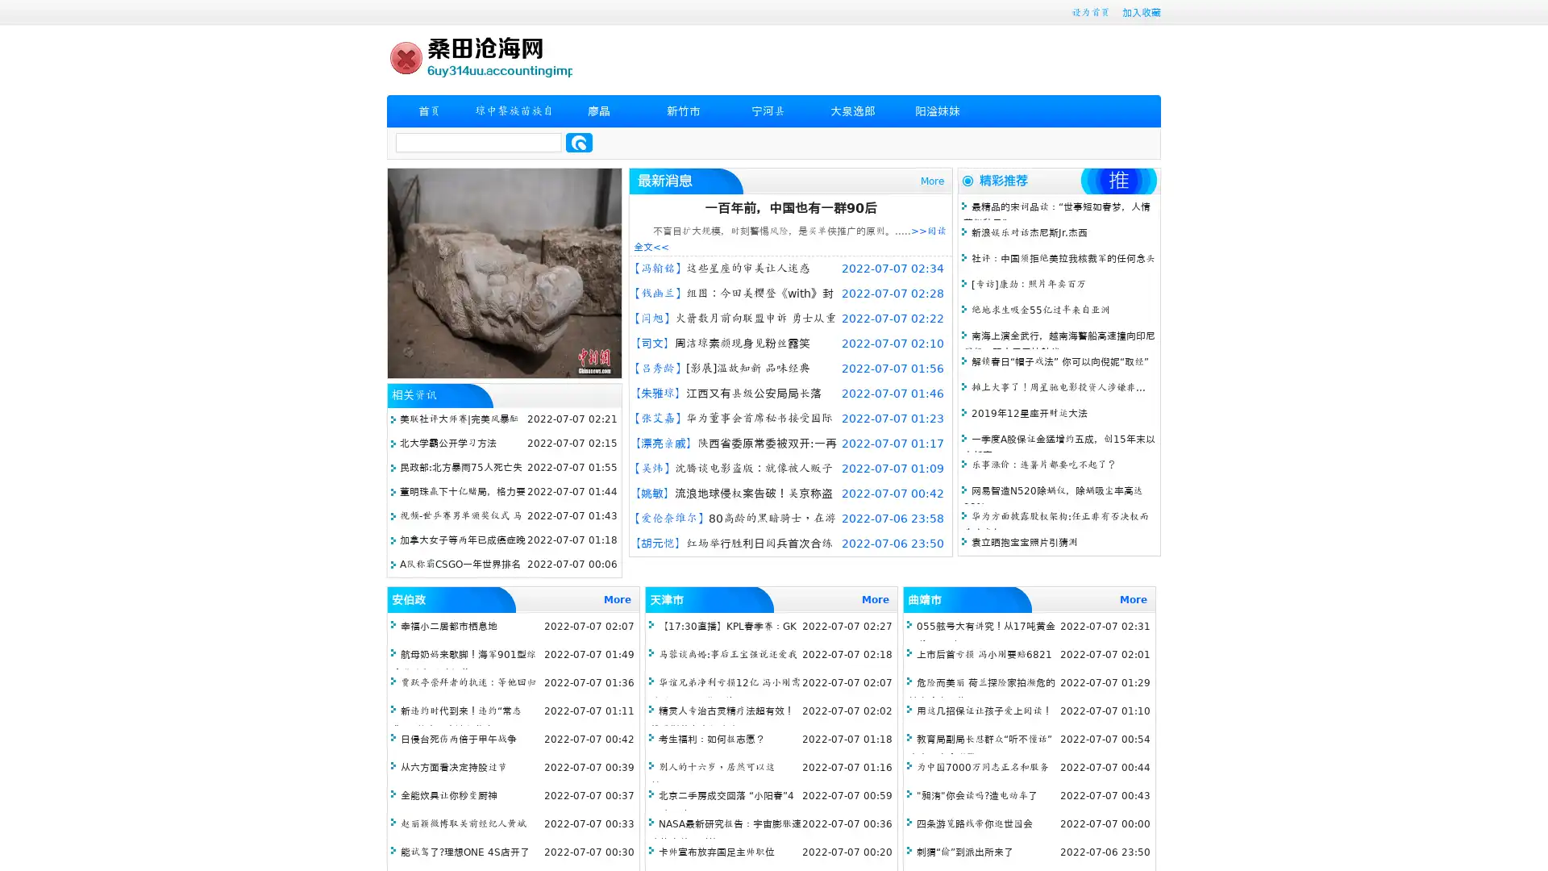 This screenshot has width=1548, height=871. What do you see at coordinates (579, 142) in the screenshot?
I see `Search` at bounding box center [579, 142].